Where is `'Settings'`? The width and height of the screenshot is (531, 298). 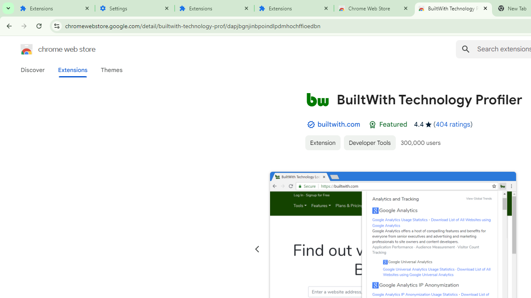 'Settings' is located at coordinates (135, 8).